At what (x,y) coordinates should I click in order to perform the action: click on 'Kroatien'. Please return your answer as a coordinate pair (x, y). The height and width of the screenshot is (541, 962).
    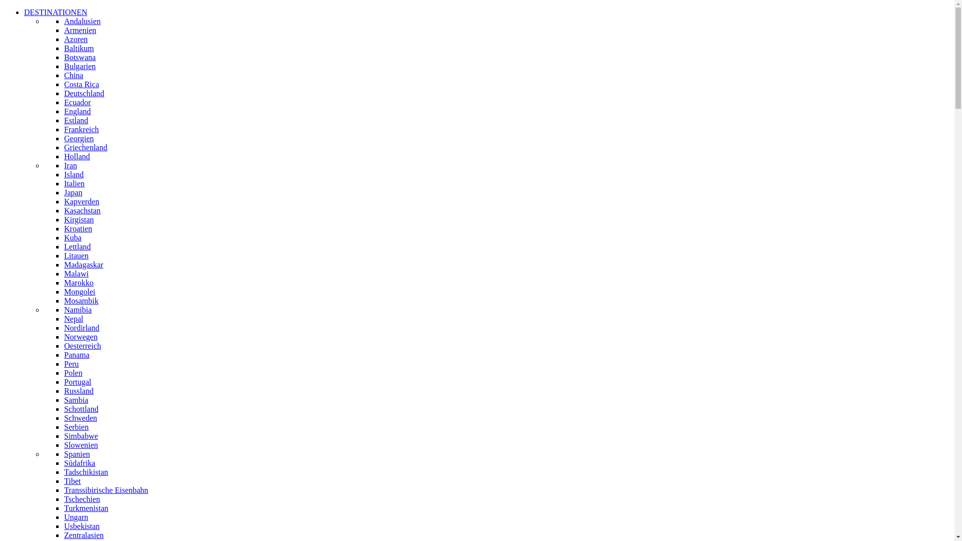
    Looking at the image, I should click on (78, 228).